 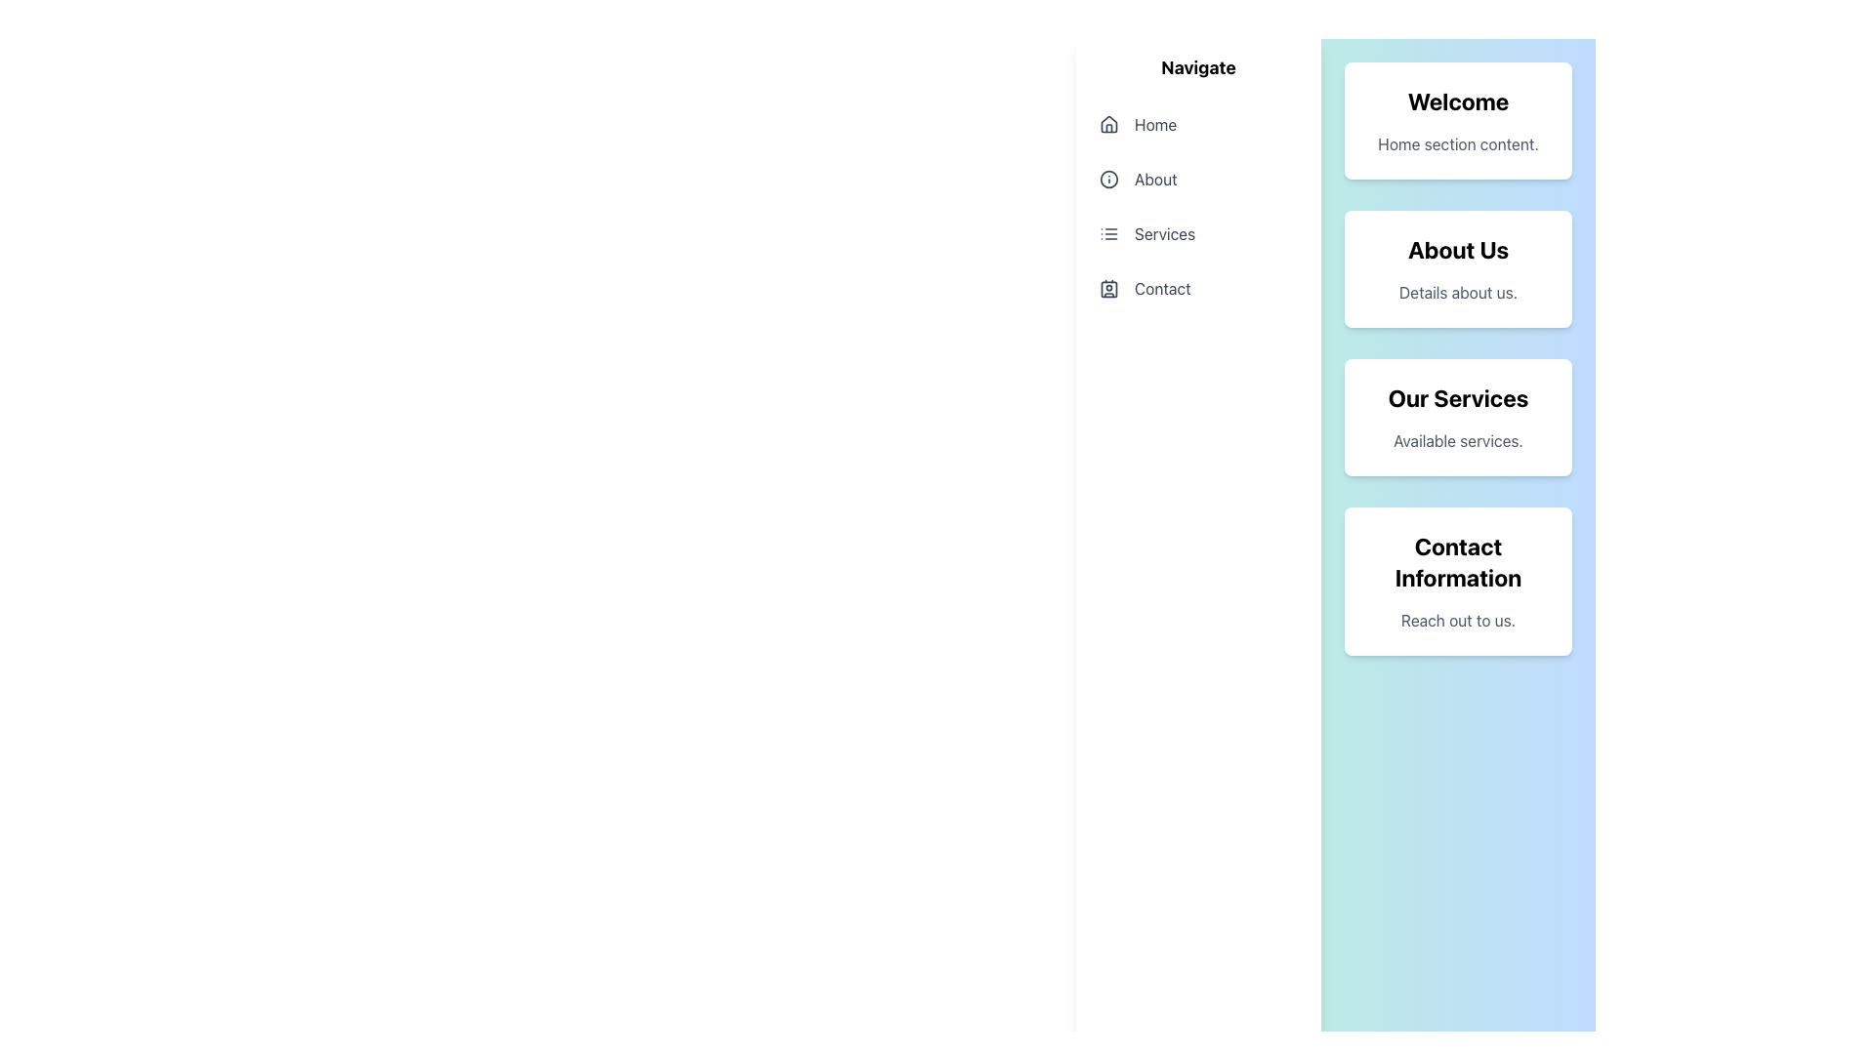 I want to click on the first interactive navigation link in the sidebar that redirects to the home section, so click(x=1197, y=124).